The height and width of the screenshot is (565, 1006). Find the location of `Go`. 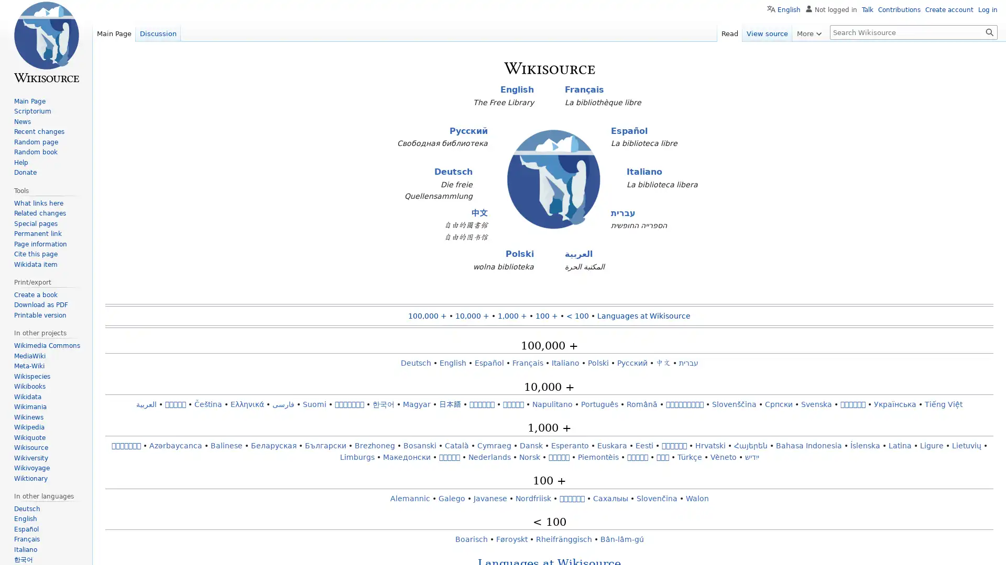

Go is located at coordinates (989, 31).